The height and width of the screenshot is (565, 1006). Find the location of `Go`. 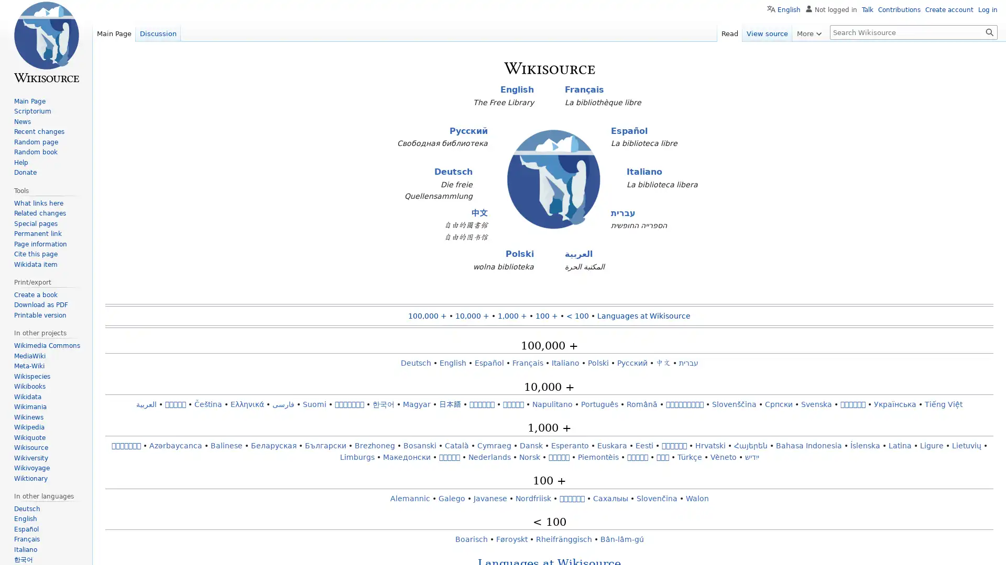

Go is located at coordinates (989, 31).